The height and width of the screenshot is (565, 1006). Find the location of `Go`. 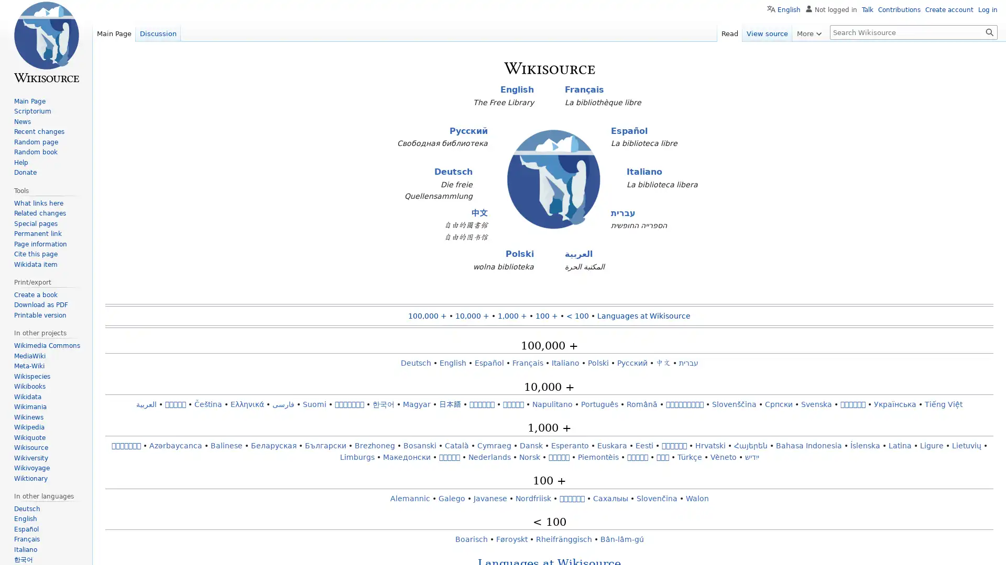

Go is located at coordinates (989, 31).